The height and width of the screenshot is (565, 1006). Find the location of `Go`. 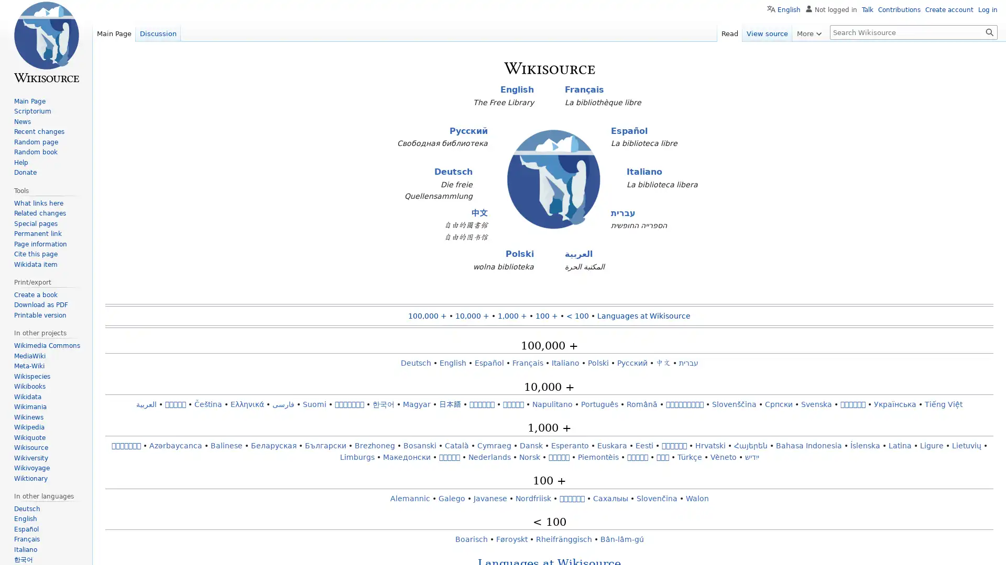

Go is located at coordinates (989, 31).